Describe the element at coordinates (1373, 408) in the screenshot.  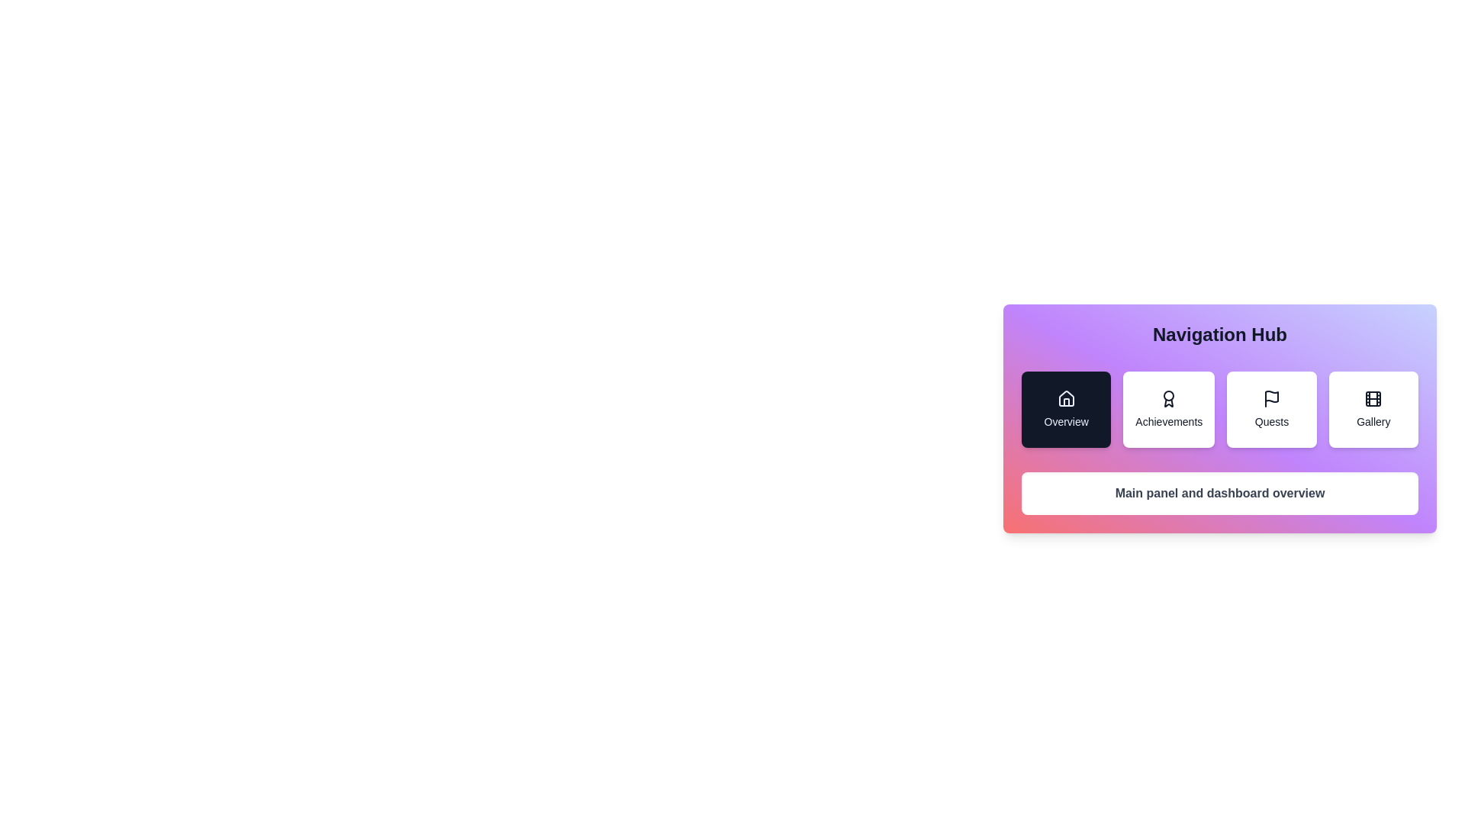
I see `the 'Gallery' button, which is a rectangular button with a white background, rounded corners, and an icon of a film reel at the top center` at that location.